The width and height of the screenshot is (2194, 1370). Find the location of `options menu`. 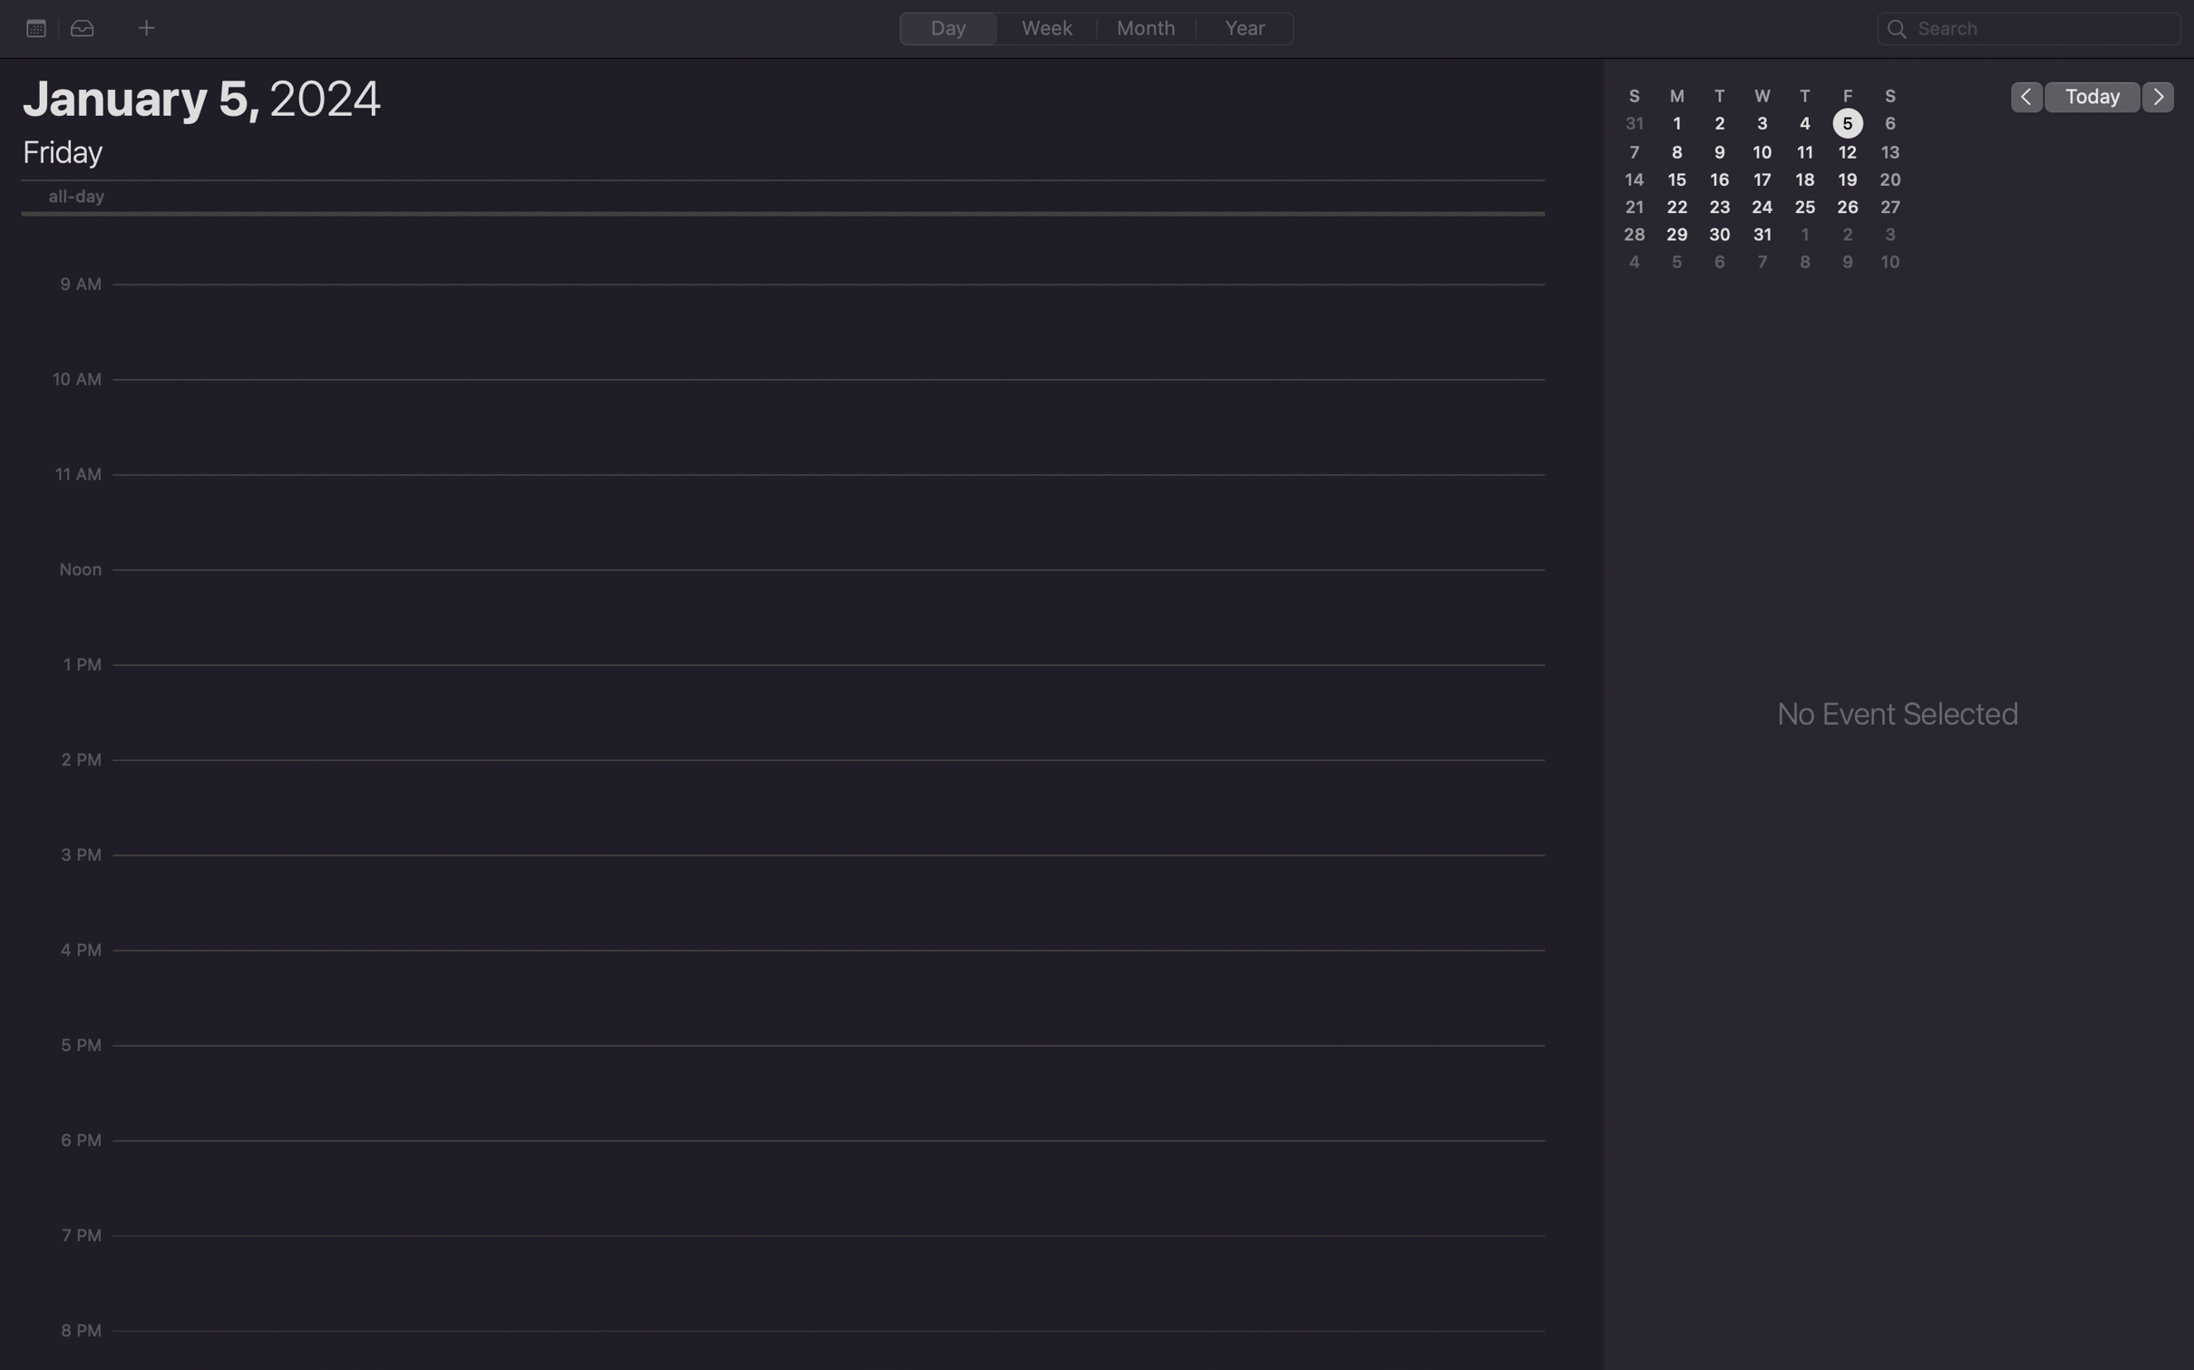

options menu is located at coordinates (35, 27).